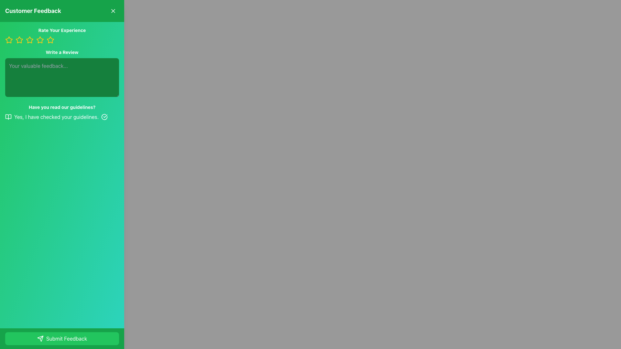  I want to click on the second star icon in the horizontal row of five stars under the 'Rate Your Experience' text, so click(40, 40).